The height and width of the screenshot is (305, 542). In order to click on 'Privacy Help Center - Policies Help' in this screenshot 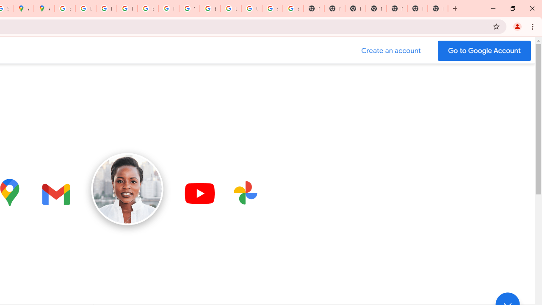, I will do `click(127, 8)`.